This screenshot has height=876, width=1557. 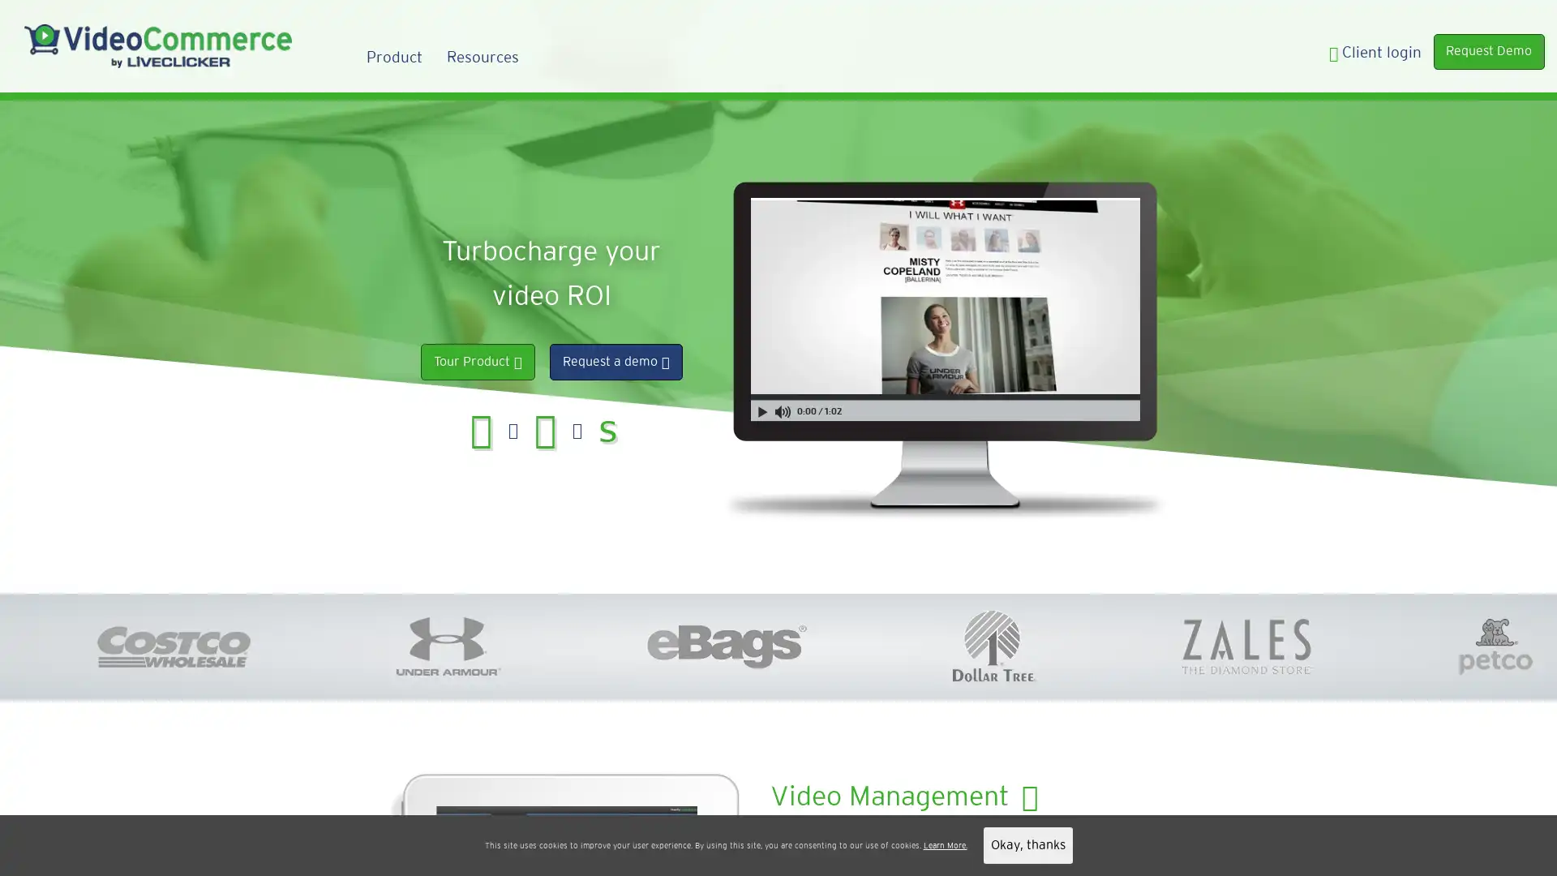 I want to click on Tour Product, so click(x=476, y=360).